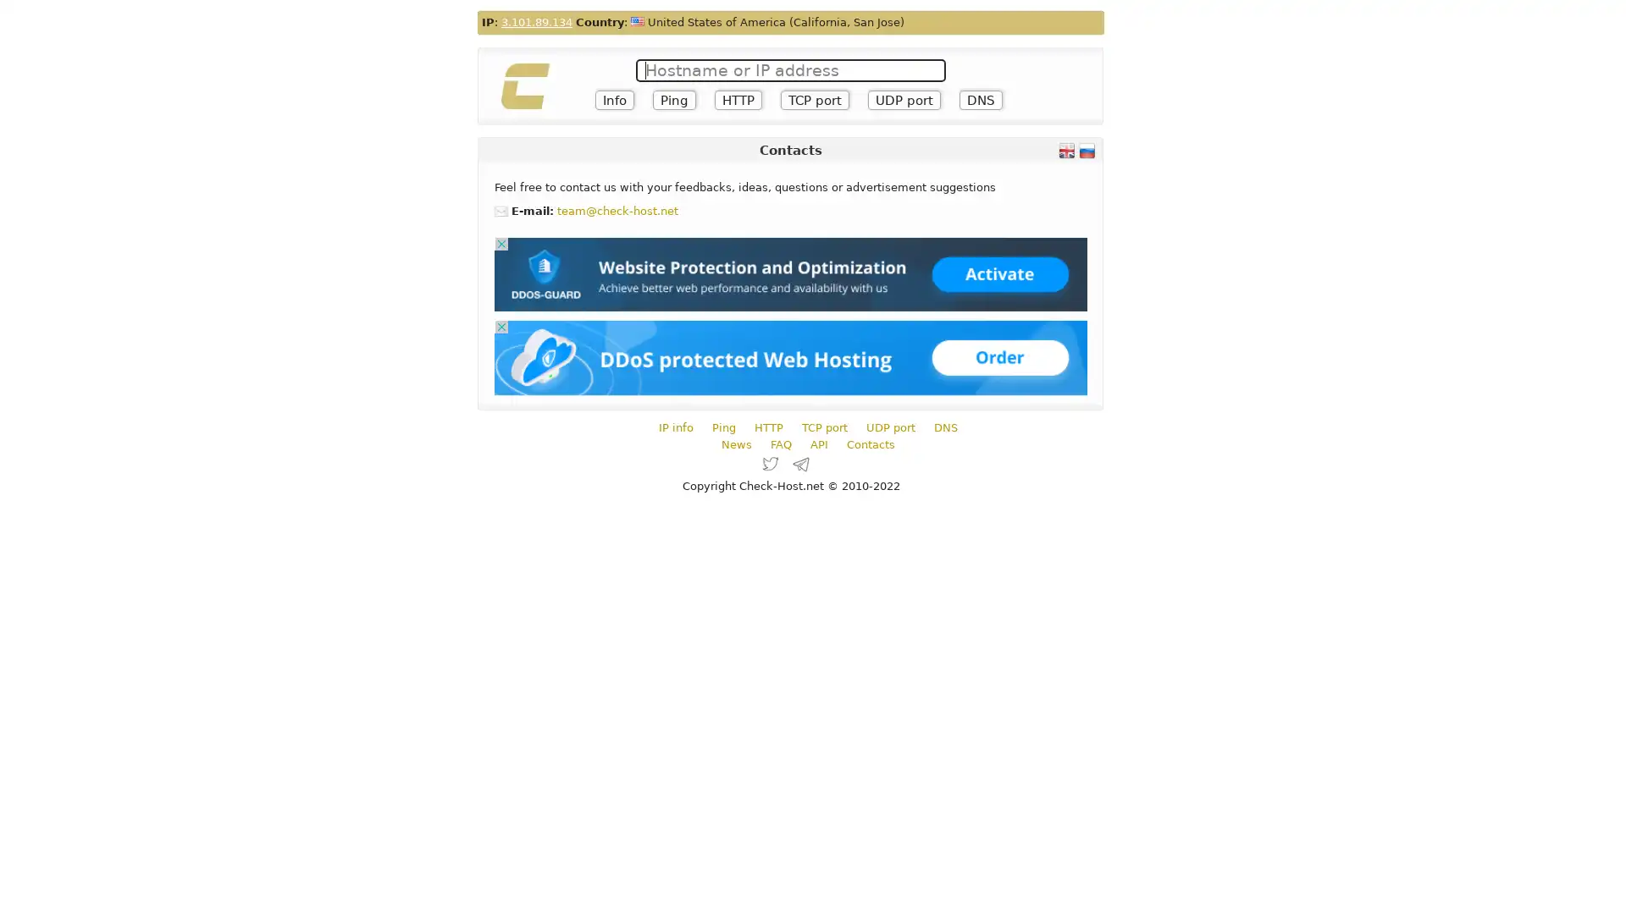 This screenshot has height=914, width=1626. I want to click on HTTP, so click(737, 100).